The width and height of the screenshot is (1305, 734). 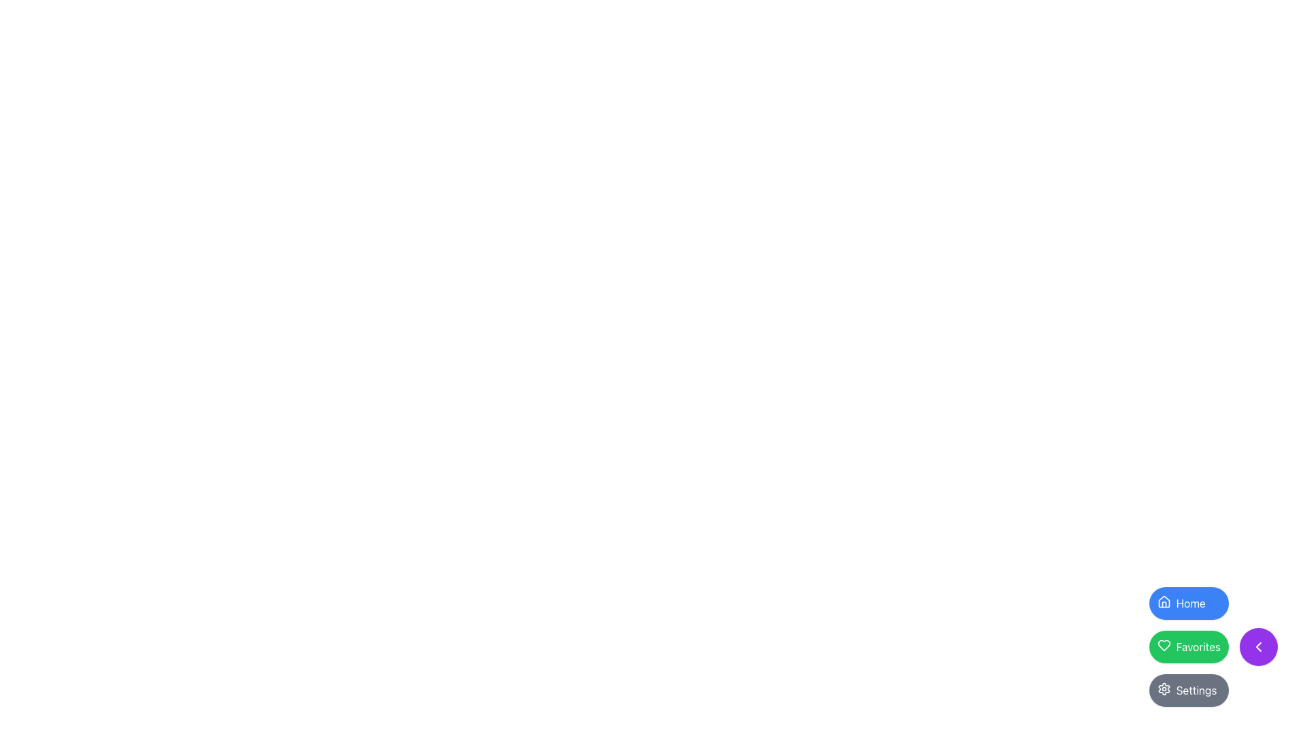 I want to click on the stylized house icon outlined in a thin stroke within a blue circular area, located near the top of the blue button labeled 'Home', so click(x=1163, y=601).